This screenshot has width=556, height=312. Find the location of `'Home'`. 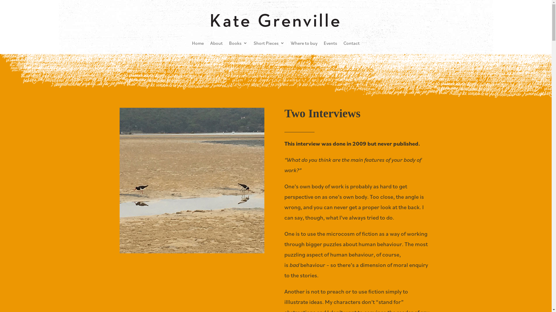

'Home' is located at coordinates (198, 43).